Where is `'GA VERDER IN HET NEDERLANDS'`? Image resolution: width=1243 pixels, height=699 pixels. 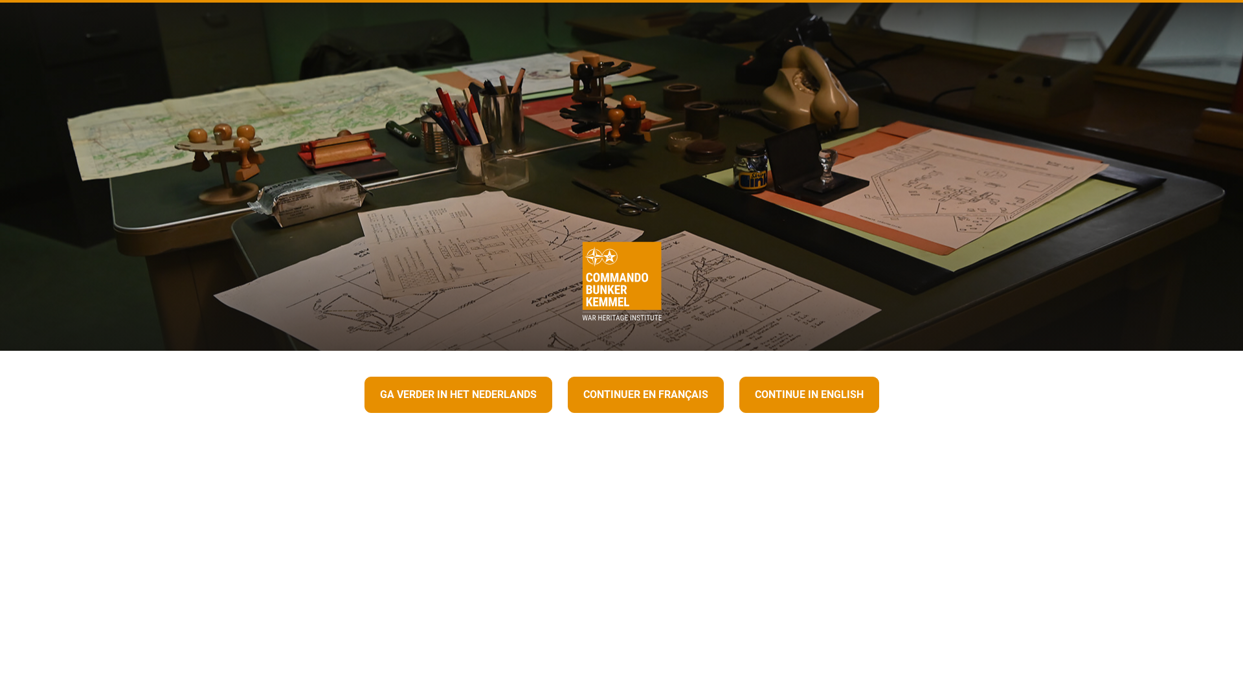 'GA VERDER IN HET NEDERLANDS' is located at coordinates (457, 394).